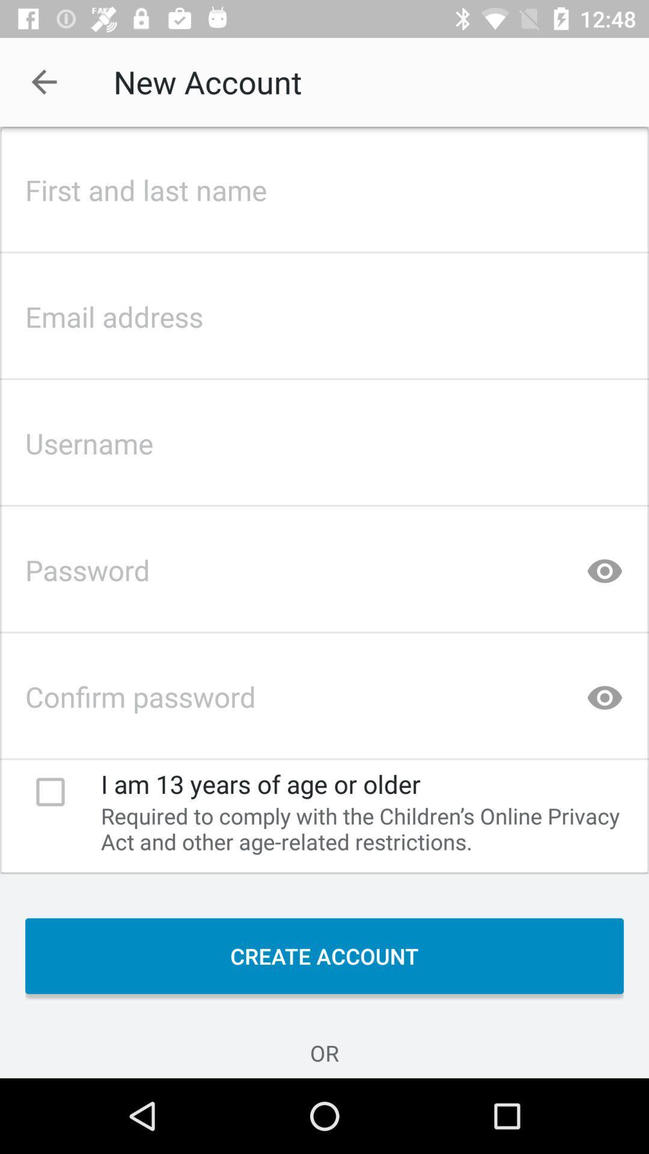  I want to click on toggle name, so click(324, 186).